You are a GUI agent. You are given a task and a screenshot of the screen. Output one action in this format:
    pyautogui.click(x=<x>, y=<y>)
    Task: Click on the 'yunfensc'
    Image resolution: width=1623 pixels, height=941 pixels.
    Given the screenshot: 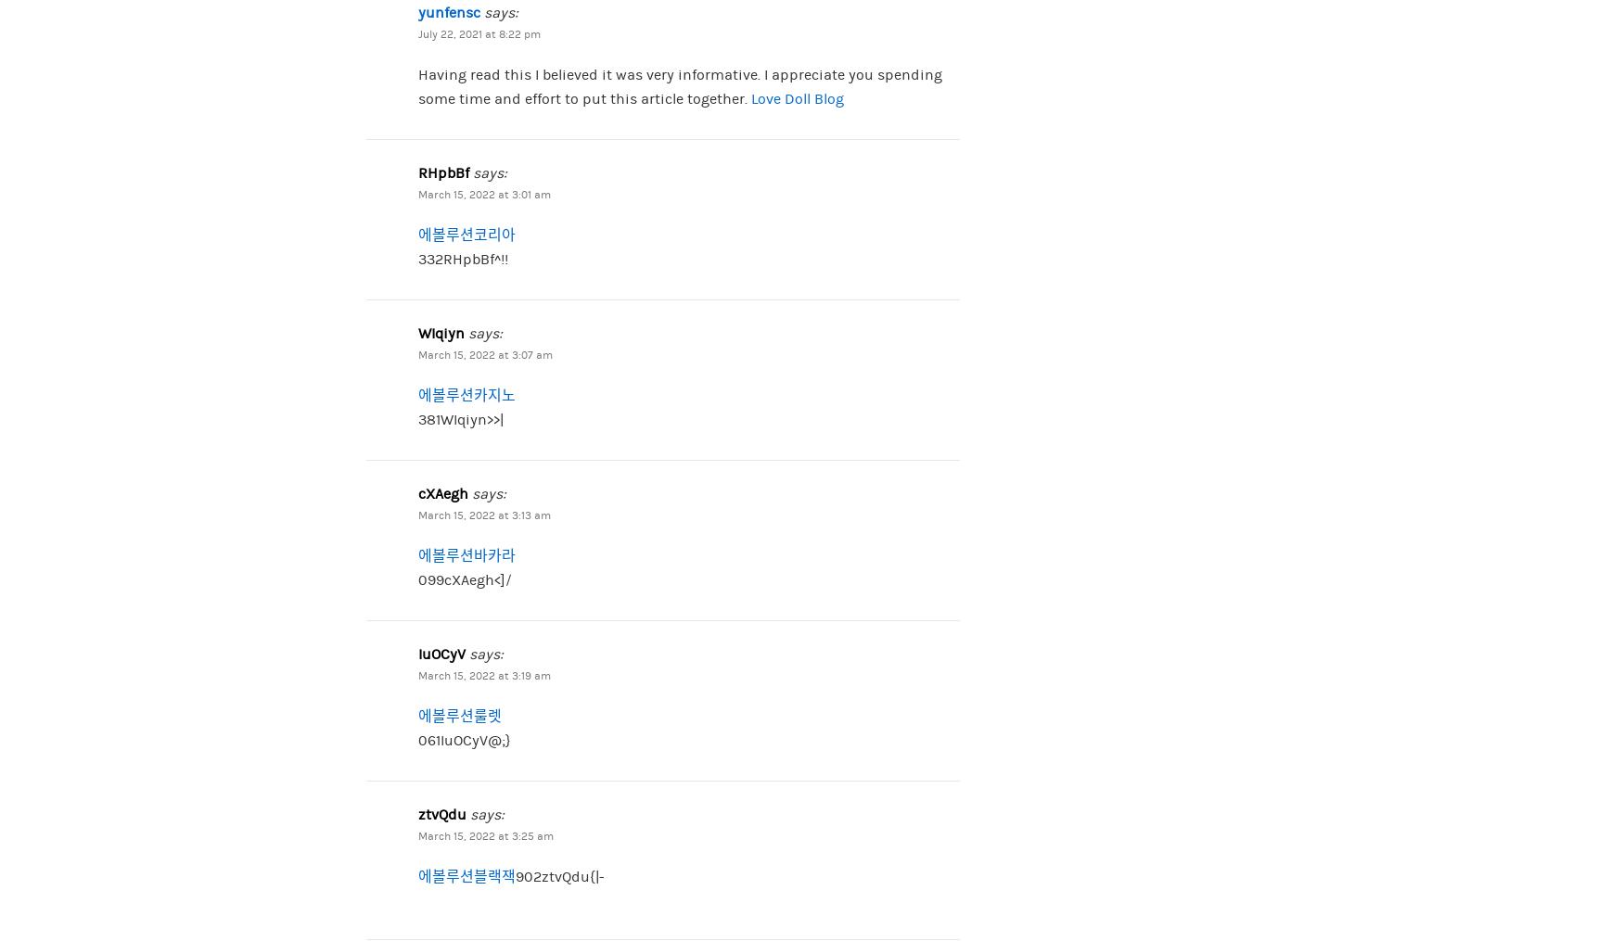 What is the action you would take?
    pyautogui.click(x=449, y=10)
    